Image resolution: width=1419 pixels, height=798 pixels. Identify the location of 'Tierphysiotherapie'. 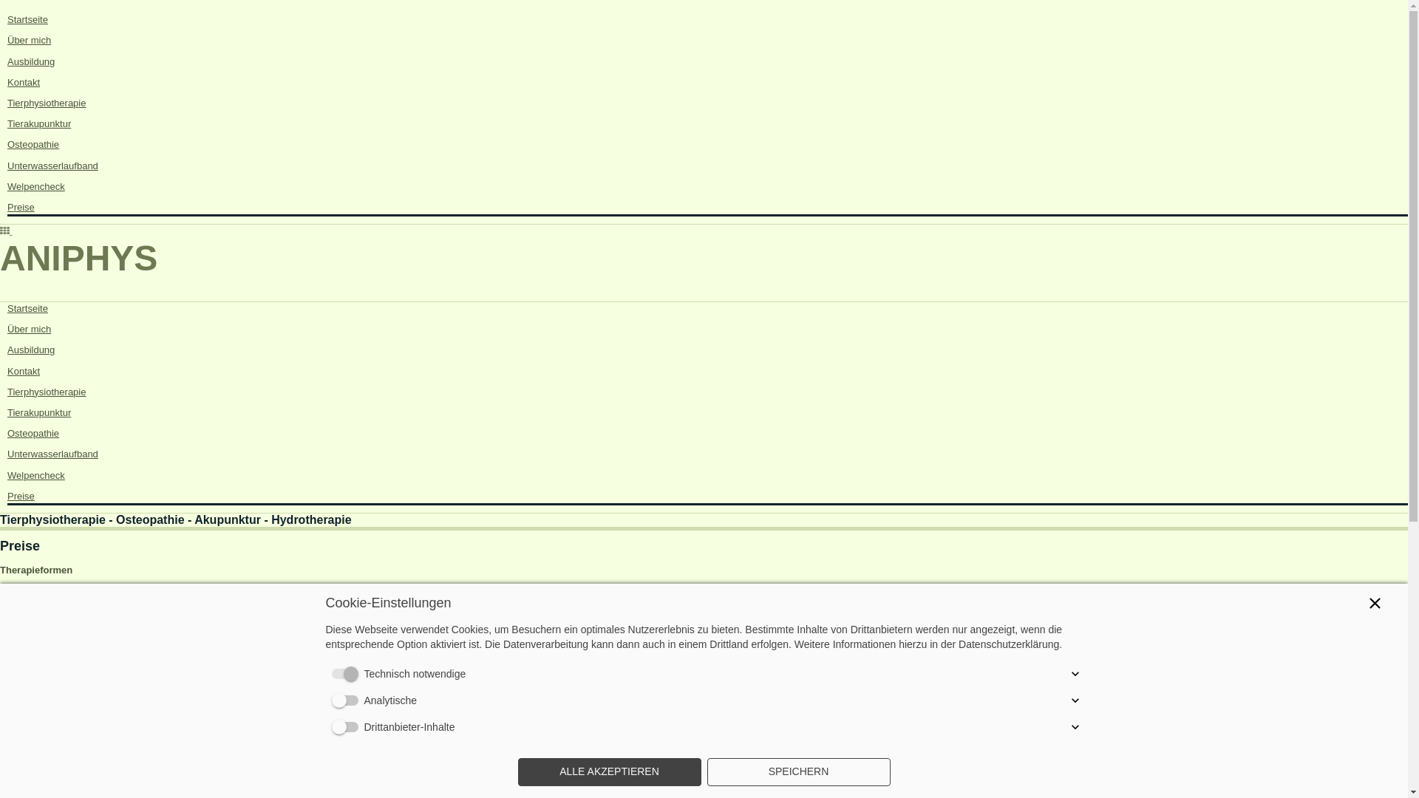
(46, 102).